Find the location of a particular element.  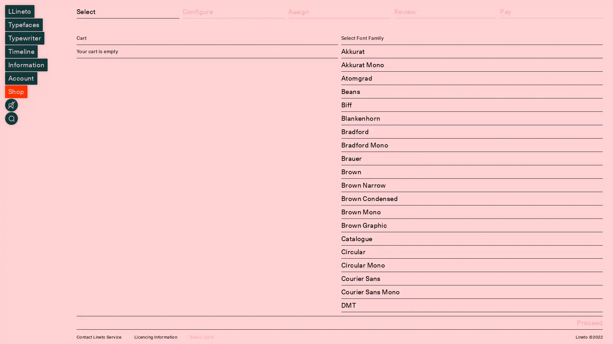

Review is located at coordinates (445, 12).